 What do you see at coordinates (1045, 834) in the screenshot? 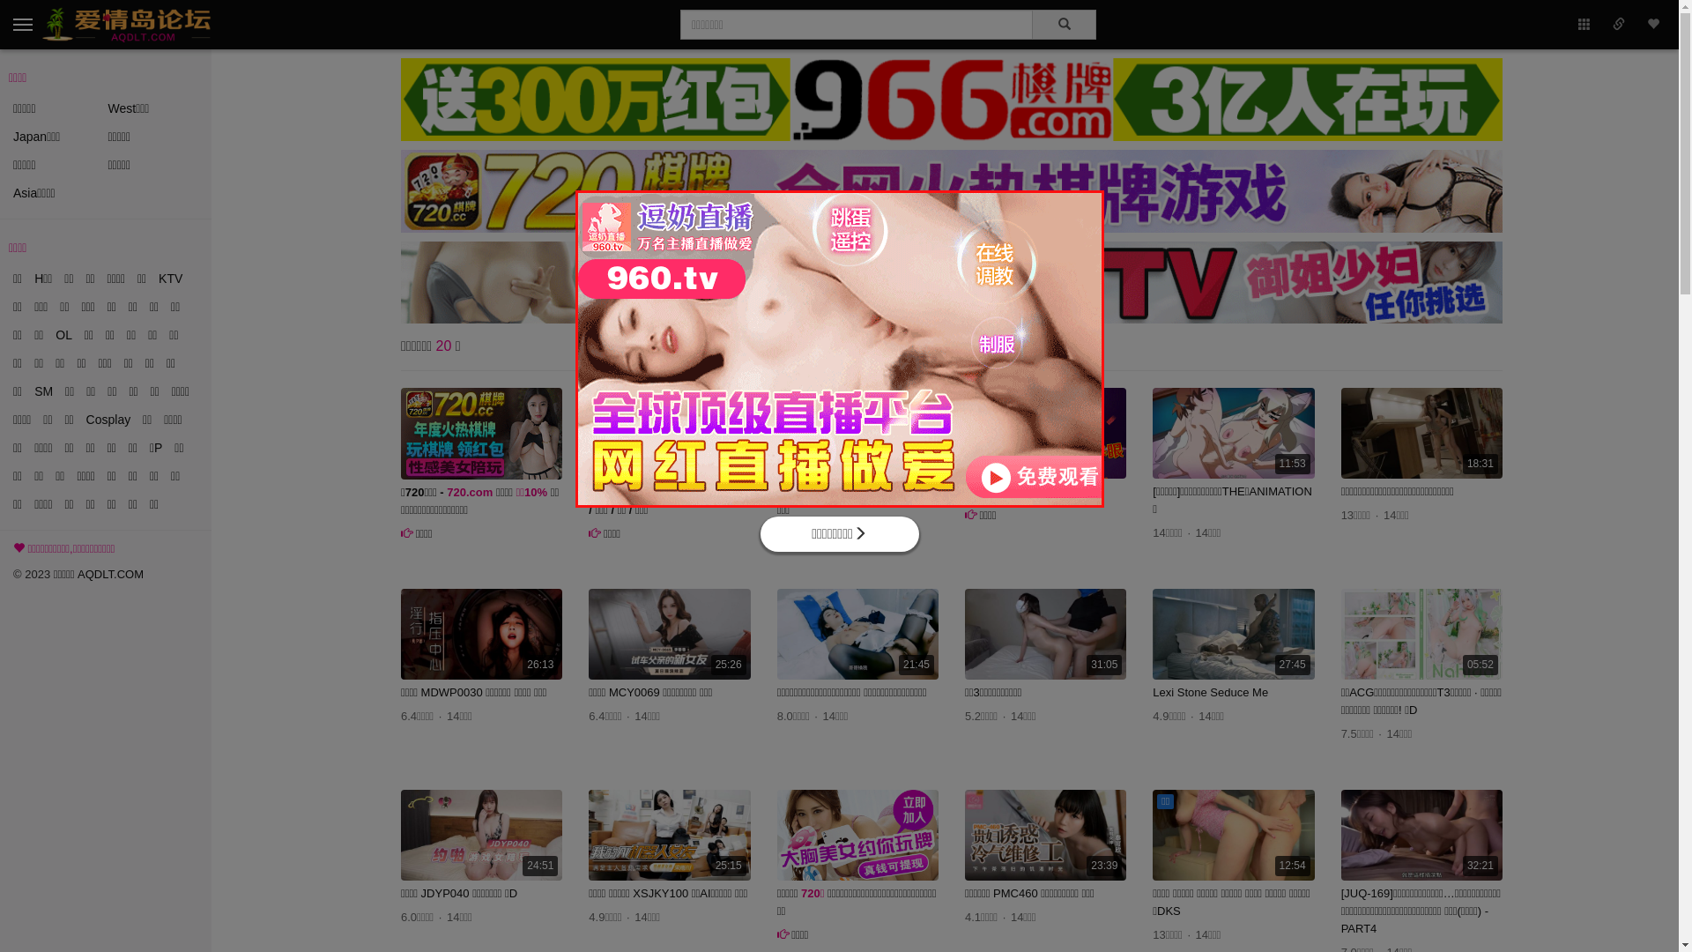
I see `'23:39'` at bounding box center [1045, 834].